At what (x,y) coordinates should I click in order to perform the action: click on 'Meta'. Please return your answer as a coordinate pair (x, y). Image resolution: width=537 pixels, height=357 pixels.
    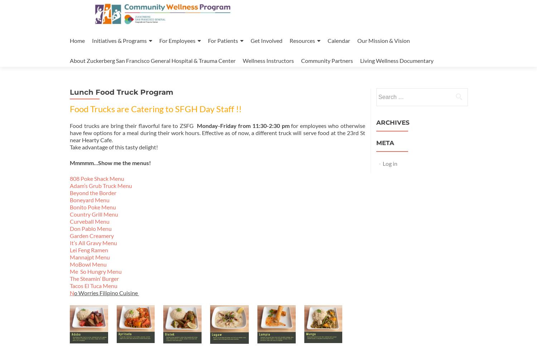
    Looking at the image, I should click on (384, 142).